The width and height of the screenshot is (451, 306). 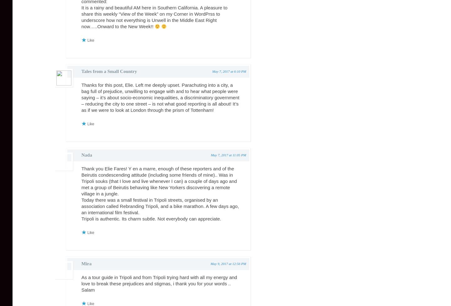 What do you see at coordinates (109, 71) in the screenshot?
I see `'Tales from a Small Country'` at bounding box center [109, 71].